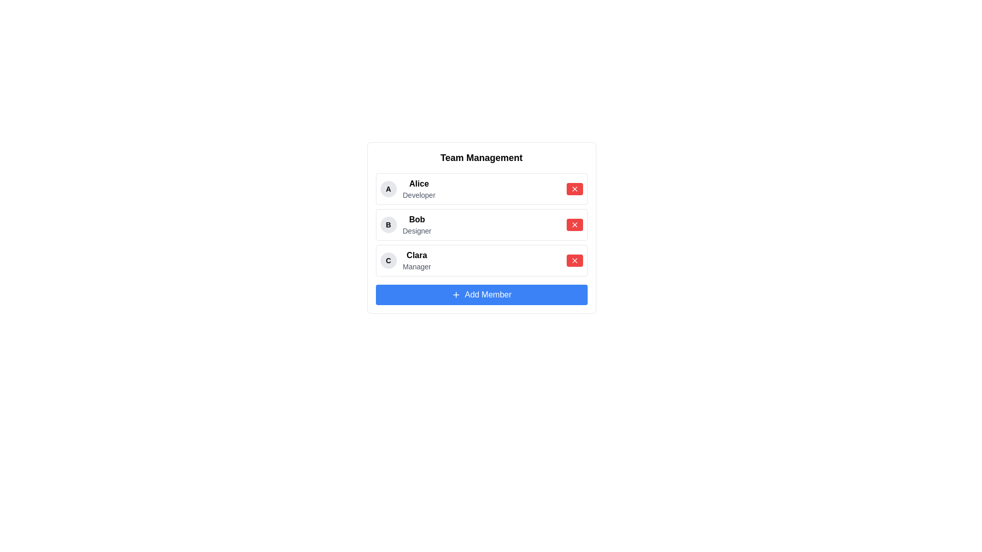 Image resolution: width=982 pixels, height=552 pixels. What do you see at coordinates (419, 189) in the screenshot?
I see `text block displaying 'Alice' in bold and 'Developer' in a smaller font, located in the top entry of the team members list` at bounding box center [419, 189].